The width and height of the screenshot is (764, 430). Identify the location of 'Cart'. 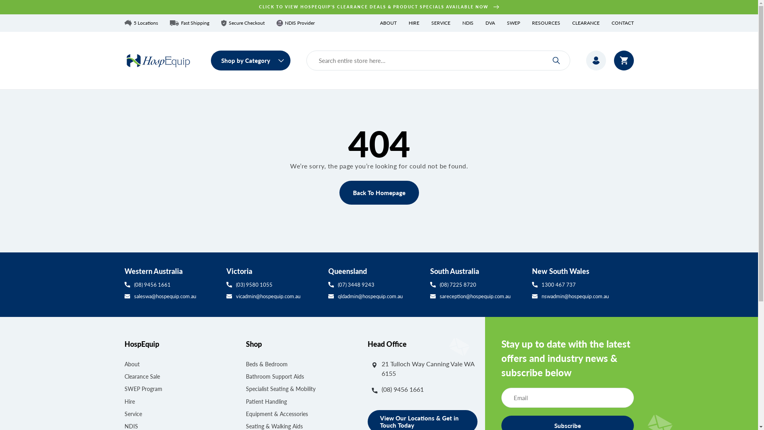
(623, 60).